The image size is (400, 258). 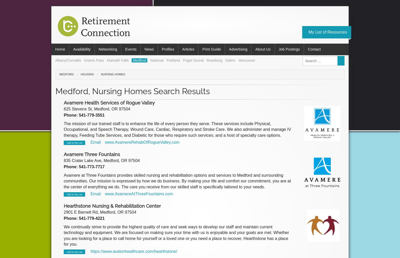 I want to click on 'Puget Sound', so click(x=193, y=60).